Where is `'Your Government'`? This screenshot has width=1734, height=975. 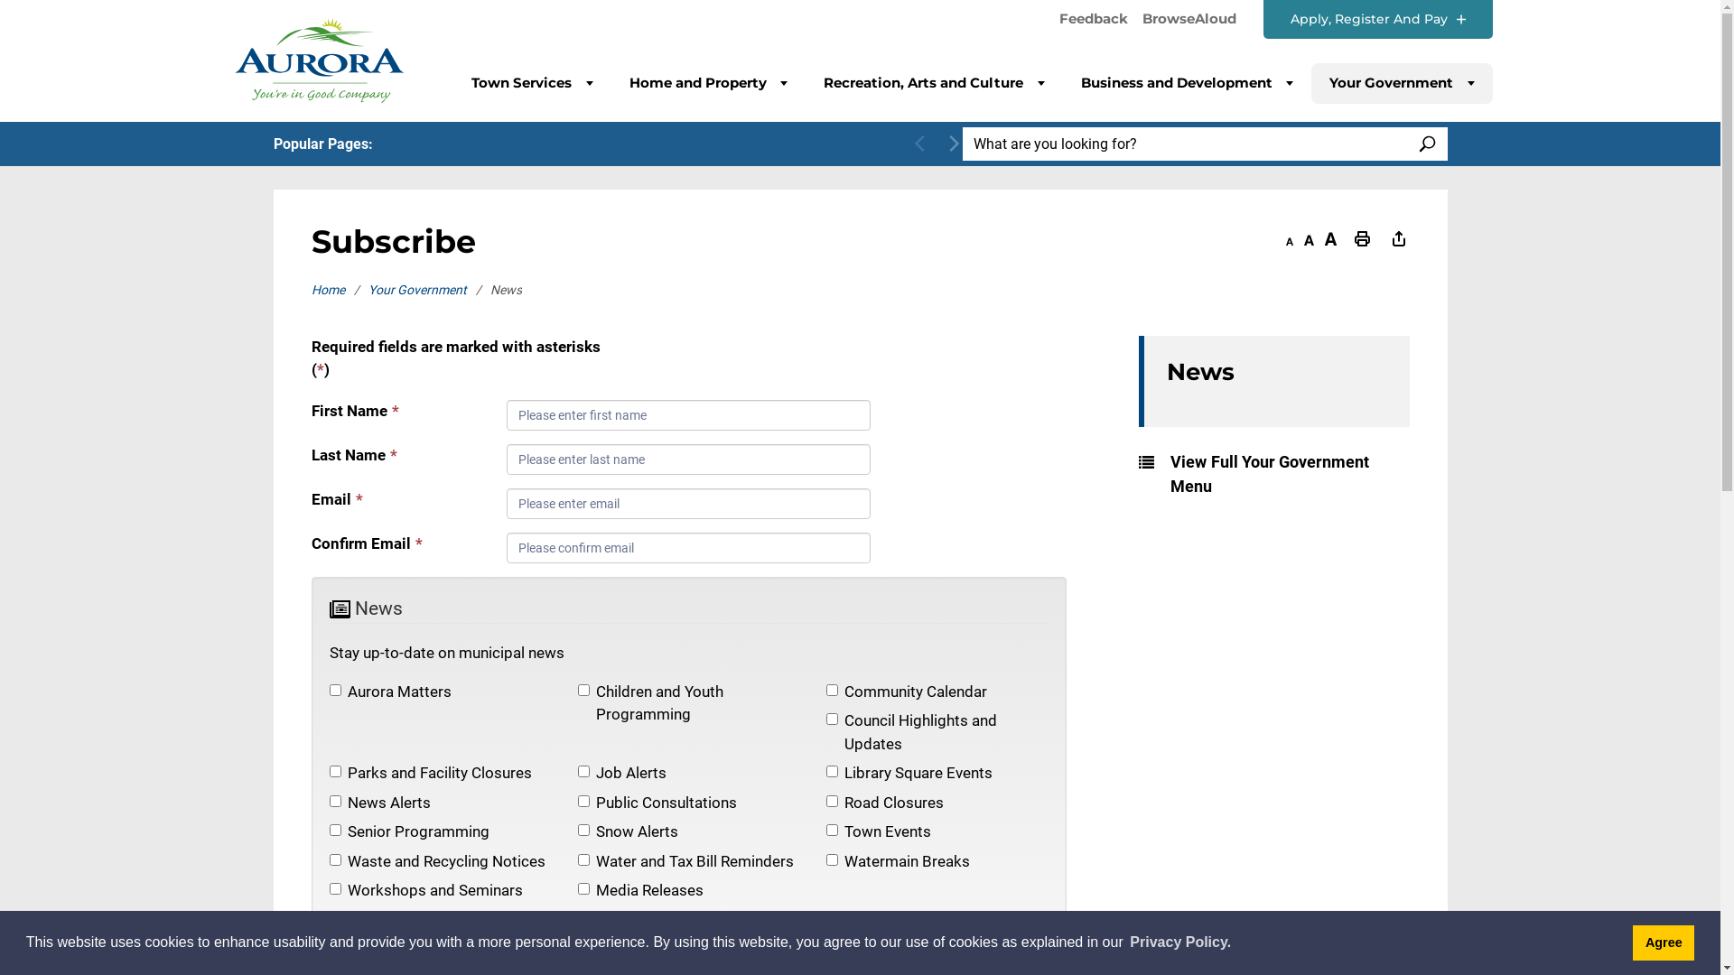 'Your Government' is located at coordinates (1400, 83).